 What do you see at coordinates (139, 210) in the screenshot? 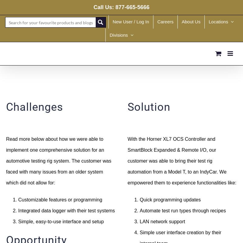
I see `'Automate test run types through recipes'` at bounding box center [139, 210].